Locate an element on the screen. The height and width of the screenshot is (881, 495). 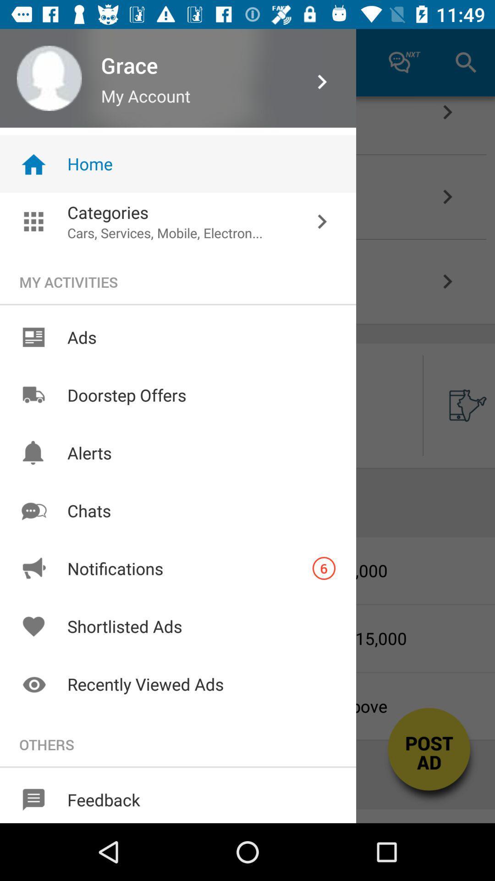
the button on the bottom right corner of the web page is located at coordinates (430, 758).